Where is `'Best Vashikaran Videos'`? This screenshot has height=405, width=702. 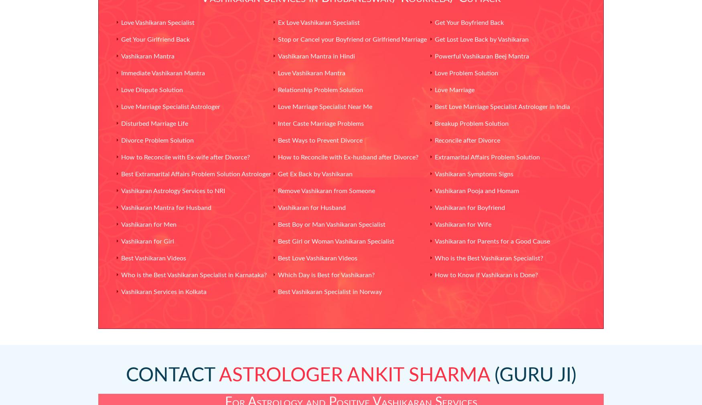
'Best Vashikaran Videos' is located at coordinates (153, 258).